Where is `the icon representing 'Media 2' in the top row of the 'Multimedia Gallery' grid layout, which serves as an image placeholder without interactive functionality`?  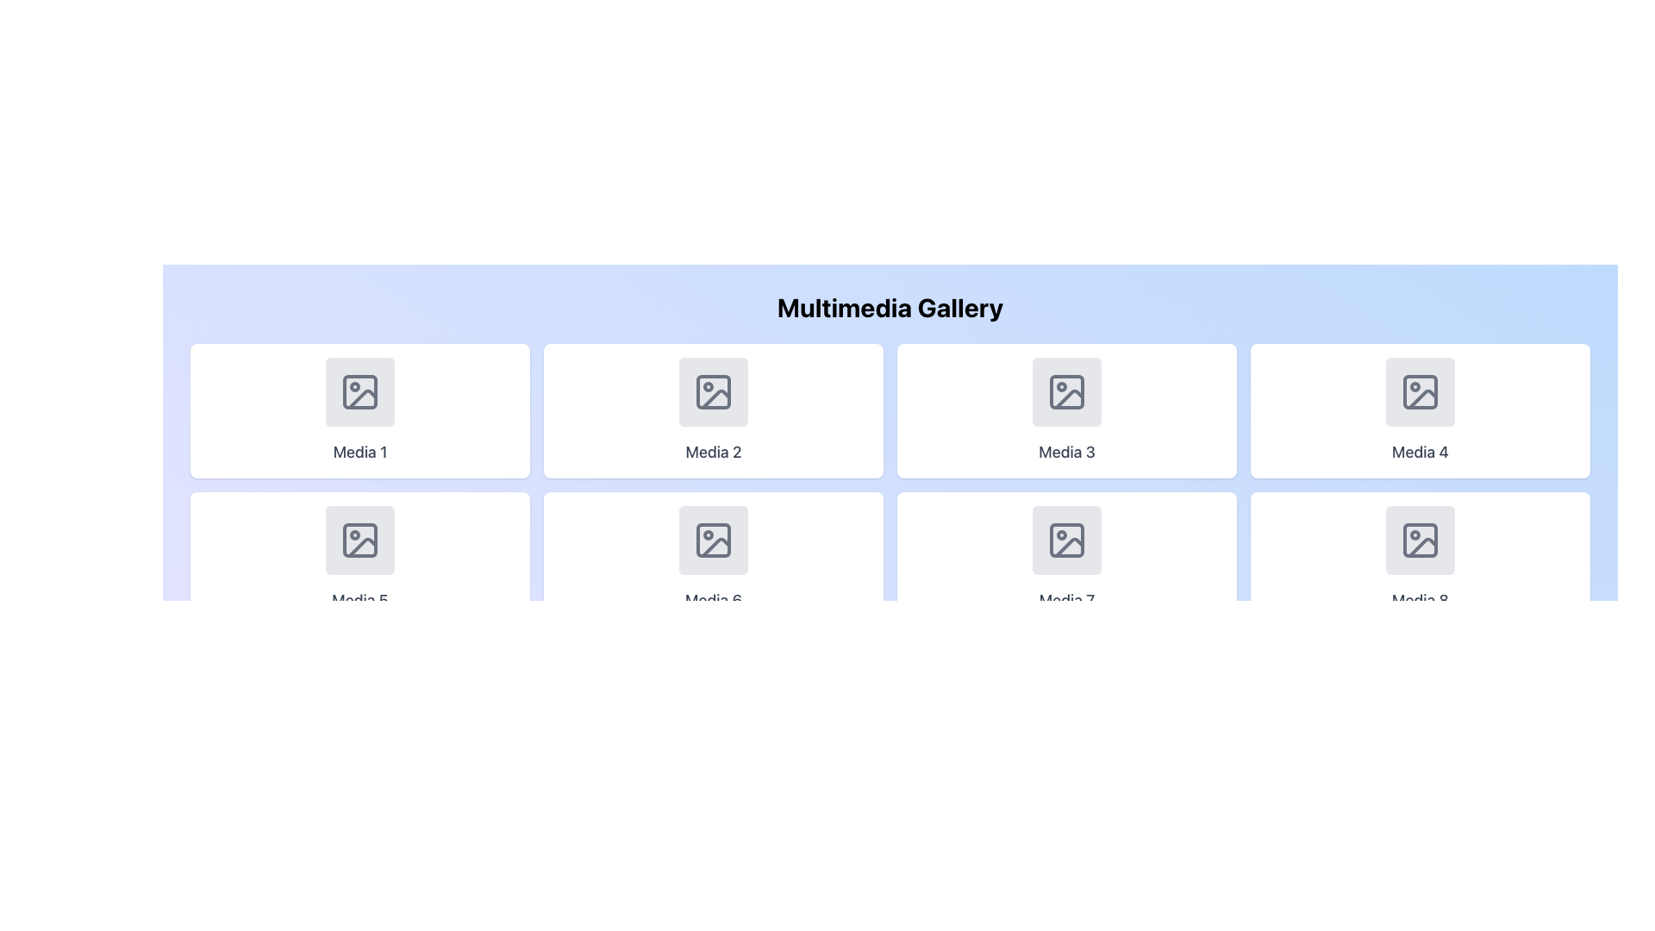
the icon representing 'Media 2' in the top row of the 'Multimedia Gallery' grid layout, which serves as an image placeholder without interactive functionality is located at coordinates (714, 392).